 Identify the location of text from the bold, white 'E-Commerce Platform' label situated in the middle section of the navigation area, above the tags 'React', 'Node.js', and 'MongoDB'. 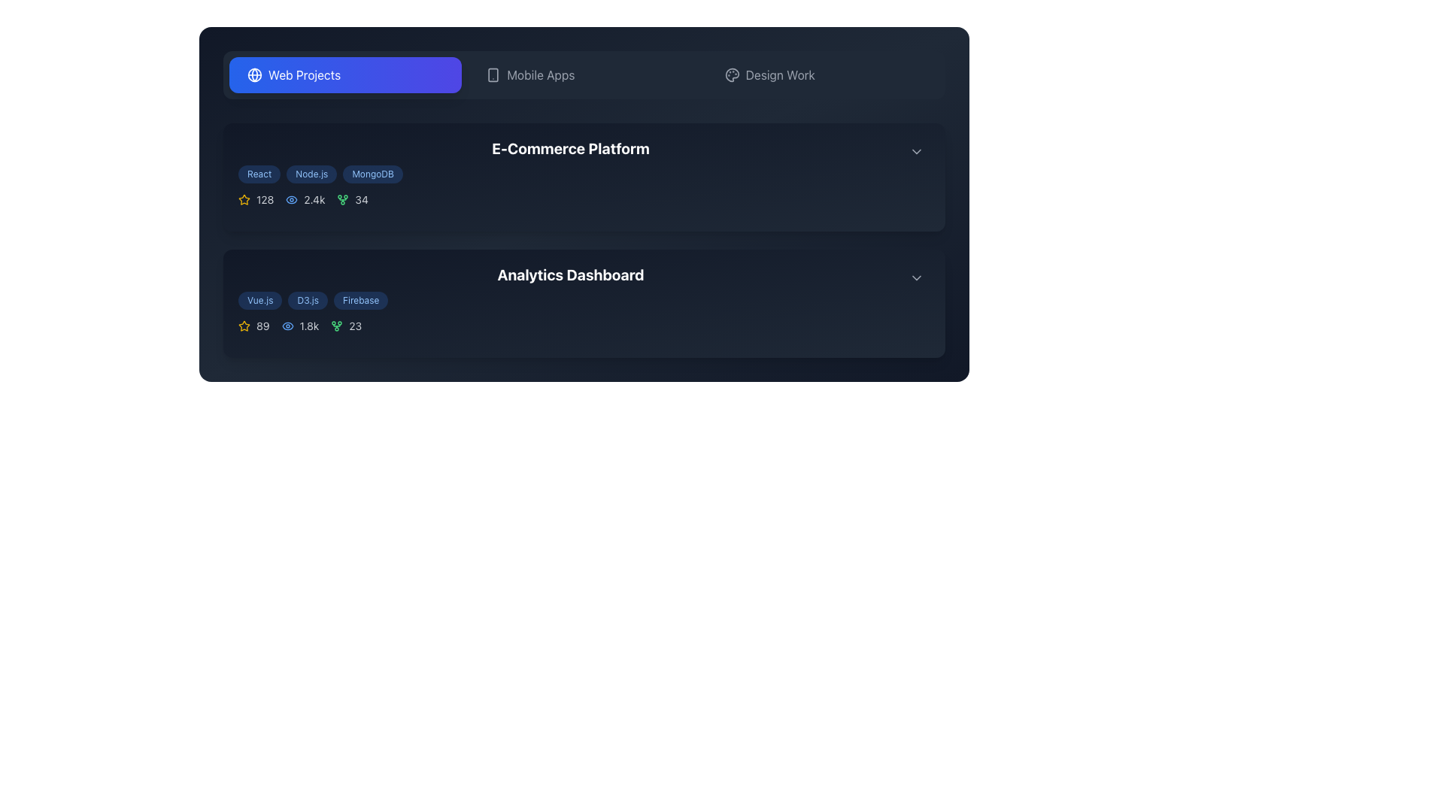
(569, 148).